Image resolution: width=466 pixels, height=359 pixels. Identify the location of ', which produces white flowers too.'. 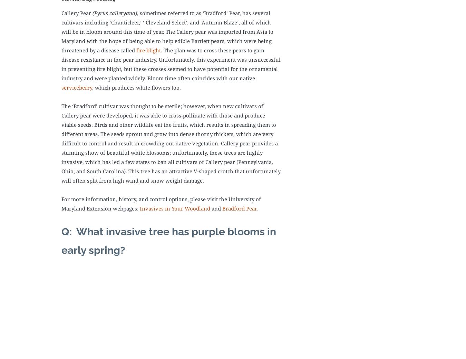
(136, 87).